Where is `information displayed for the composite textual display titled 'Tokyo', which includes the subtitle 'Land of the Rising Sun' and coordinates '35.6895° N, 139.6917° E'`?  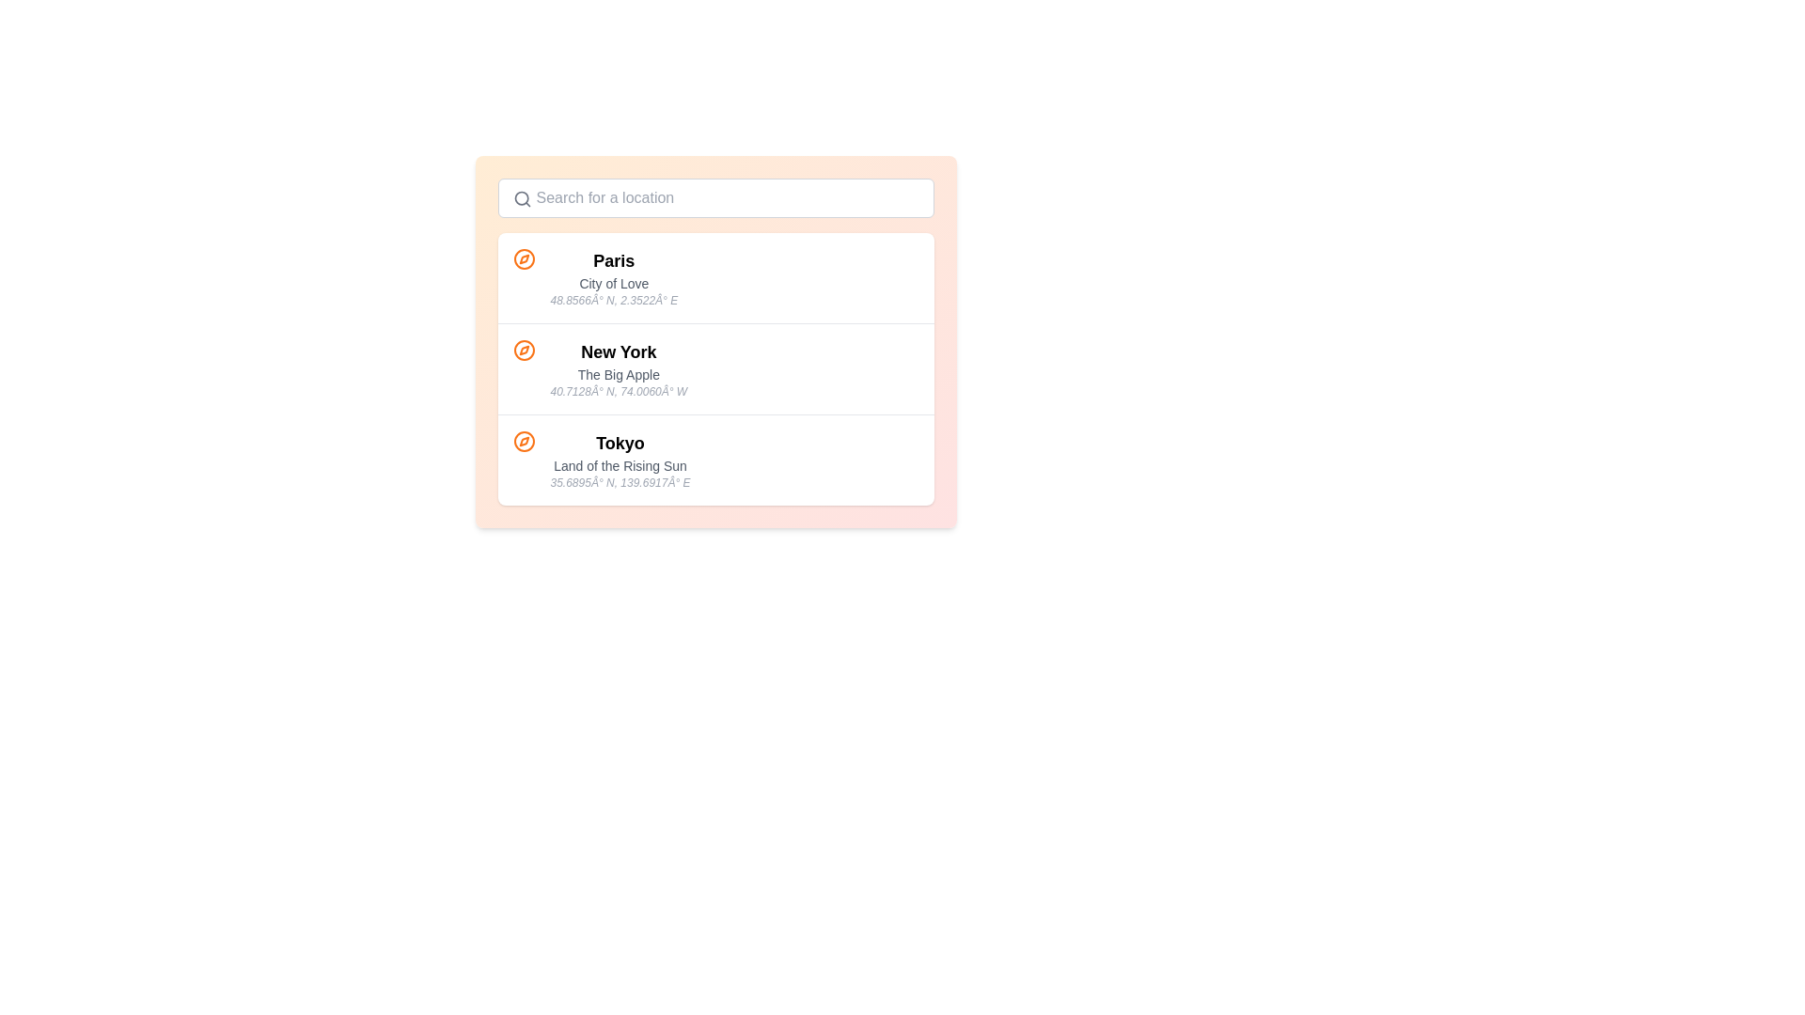 information displayed for the composite textual display titled 'Tokyo', which includes the subtitle 'Land of the Rising Sun' and coordinates '35.6895° N, 139.6917° E' is located at coordinates (620, 460).